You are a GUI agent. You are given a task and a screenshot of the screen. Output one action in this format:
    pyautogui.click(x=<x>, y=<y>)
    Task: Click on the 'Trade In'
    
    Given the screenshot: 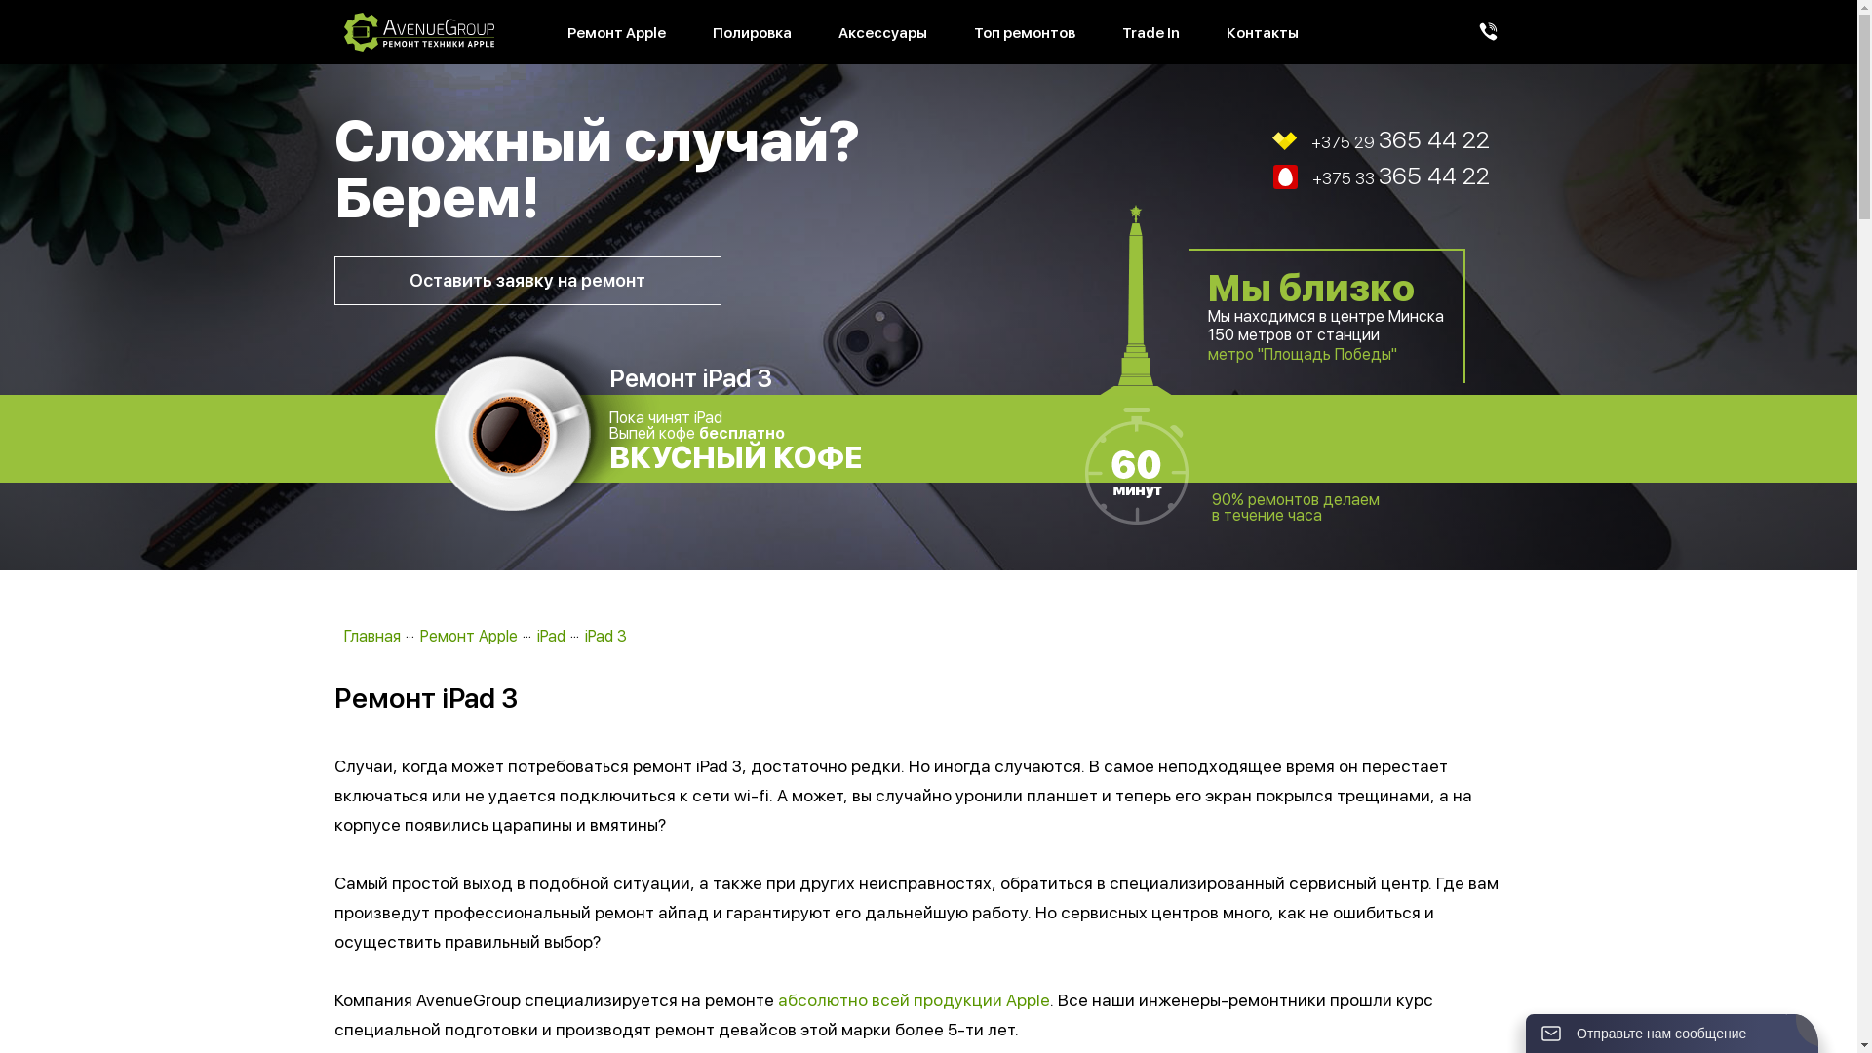 What is the action you would take?
    pyautogui.click(x=1150, y=33)
    